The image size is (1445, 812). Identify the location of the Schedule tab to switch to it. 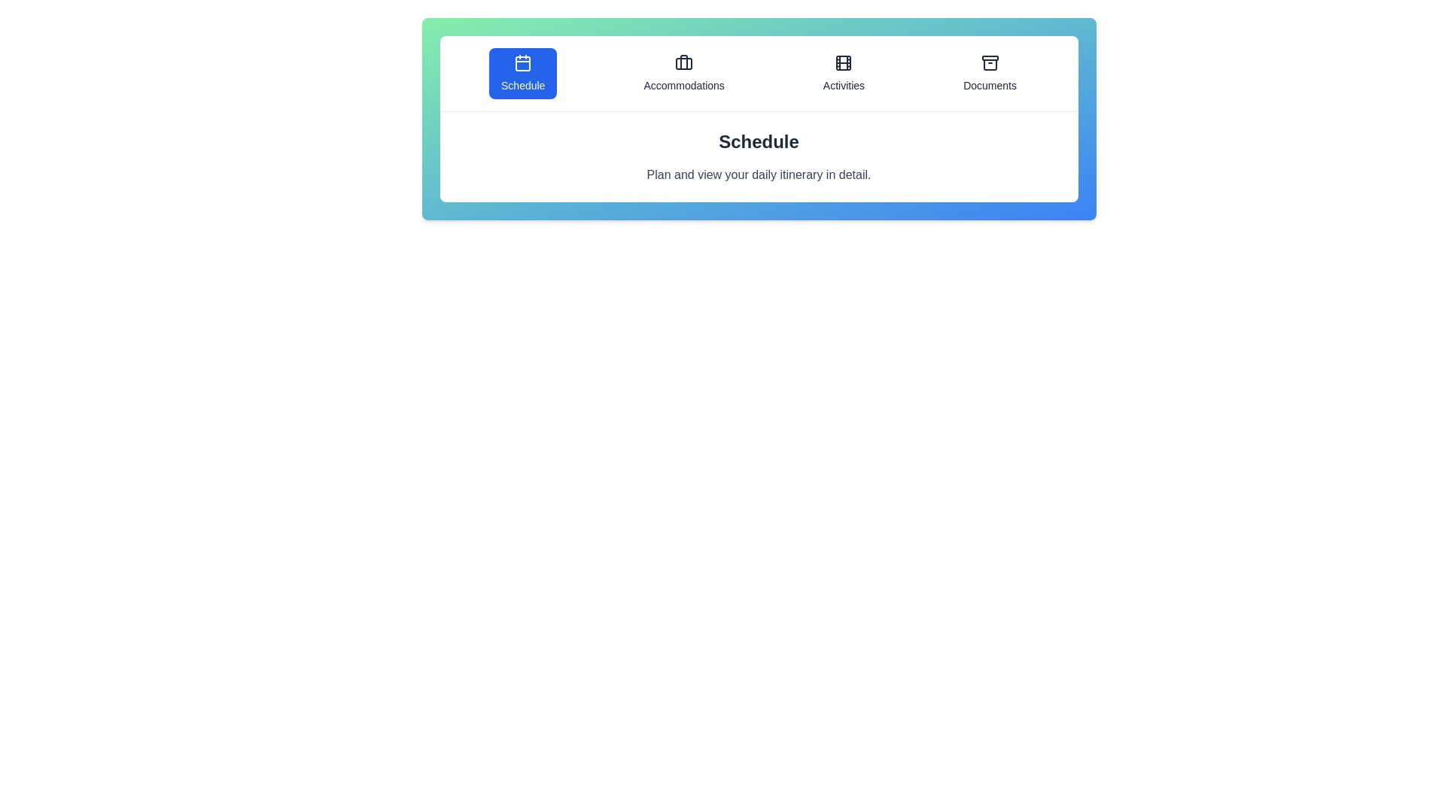
(523, 73).